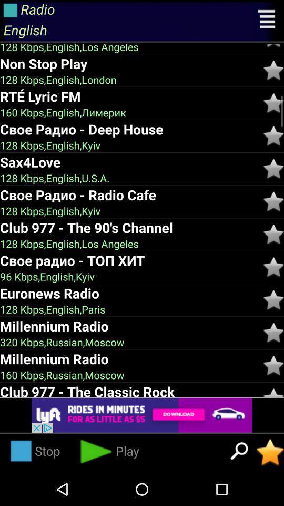 This screenshot has width=284, height=506. What do you see at coordinates (142, 415) in the screenshot?
I see `advertisement area` at bounding box center [142, 415].